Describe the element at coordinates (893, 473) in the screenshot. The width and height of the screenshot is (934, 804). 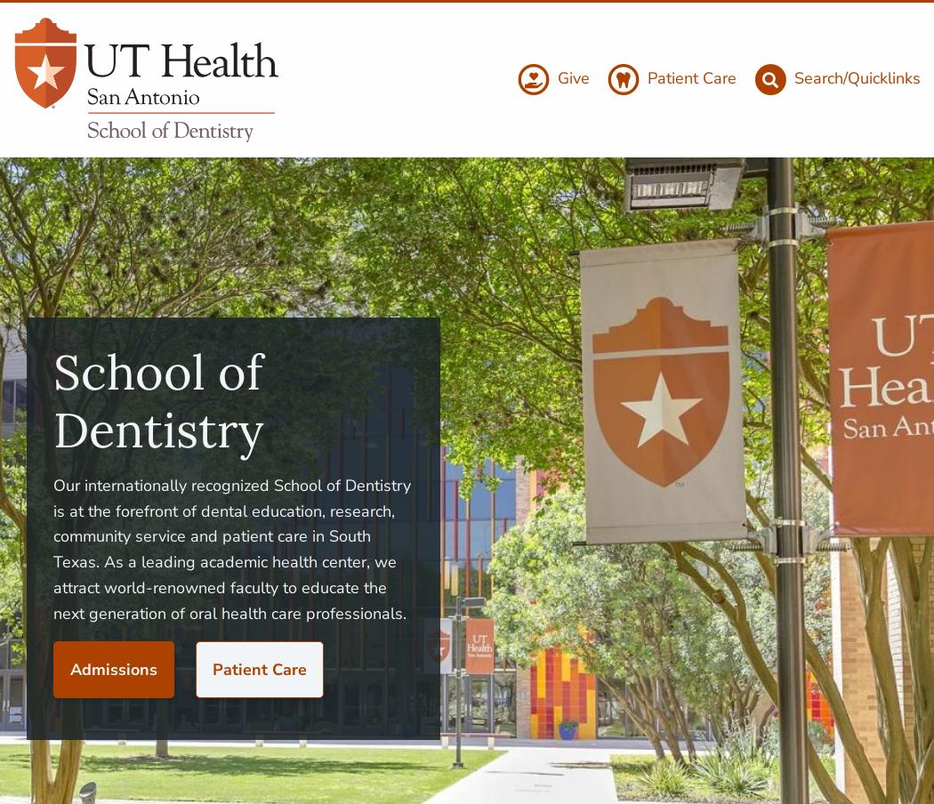
I see `'Events'` at that location.